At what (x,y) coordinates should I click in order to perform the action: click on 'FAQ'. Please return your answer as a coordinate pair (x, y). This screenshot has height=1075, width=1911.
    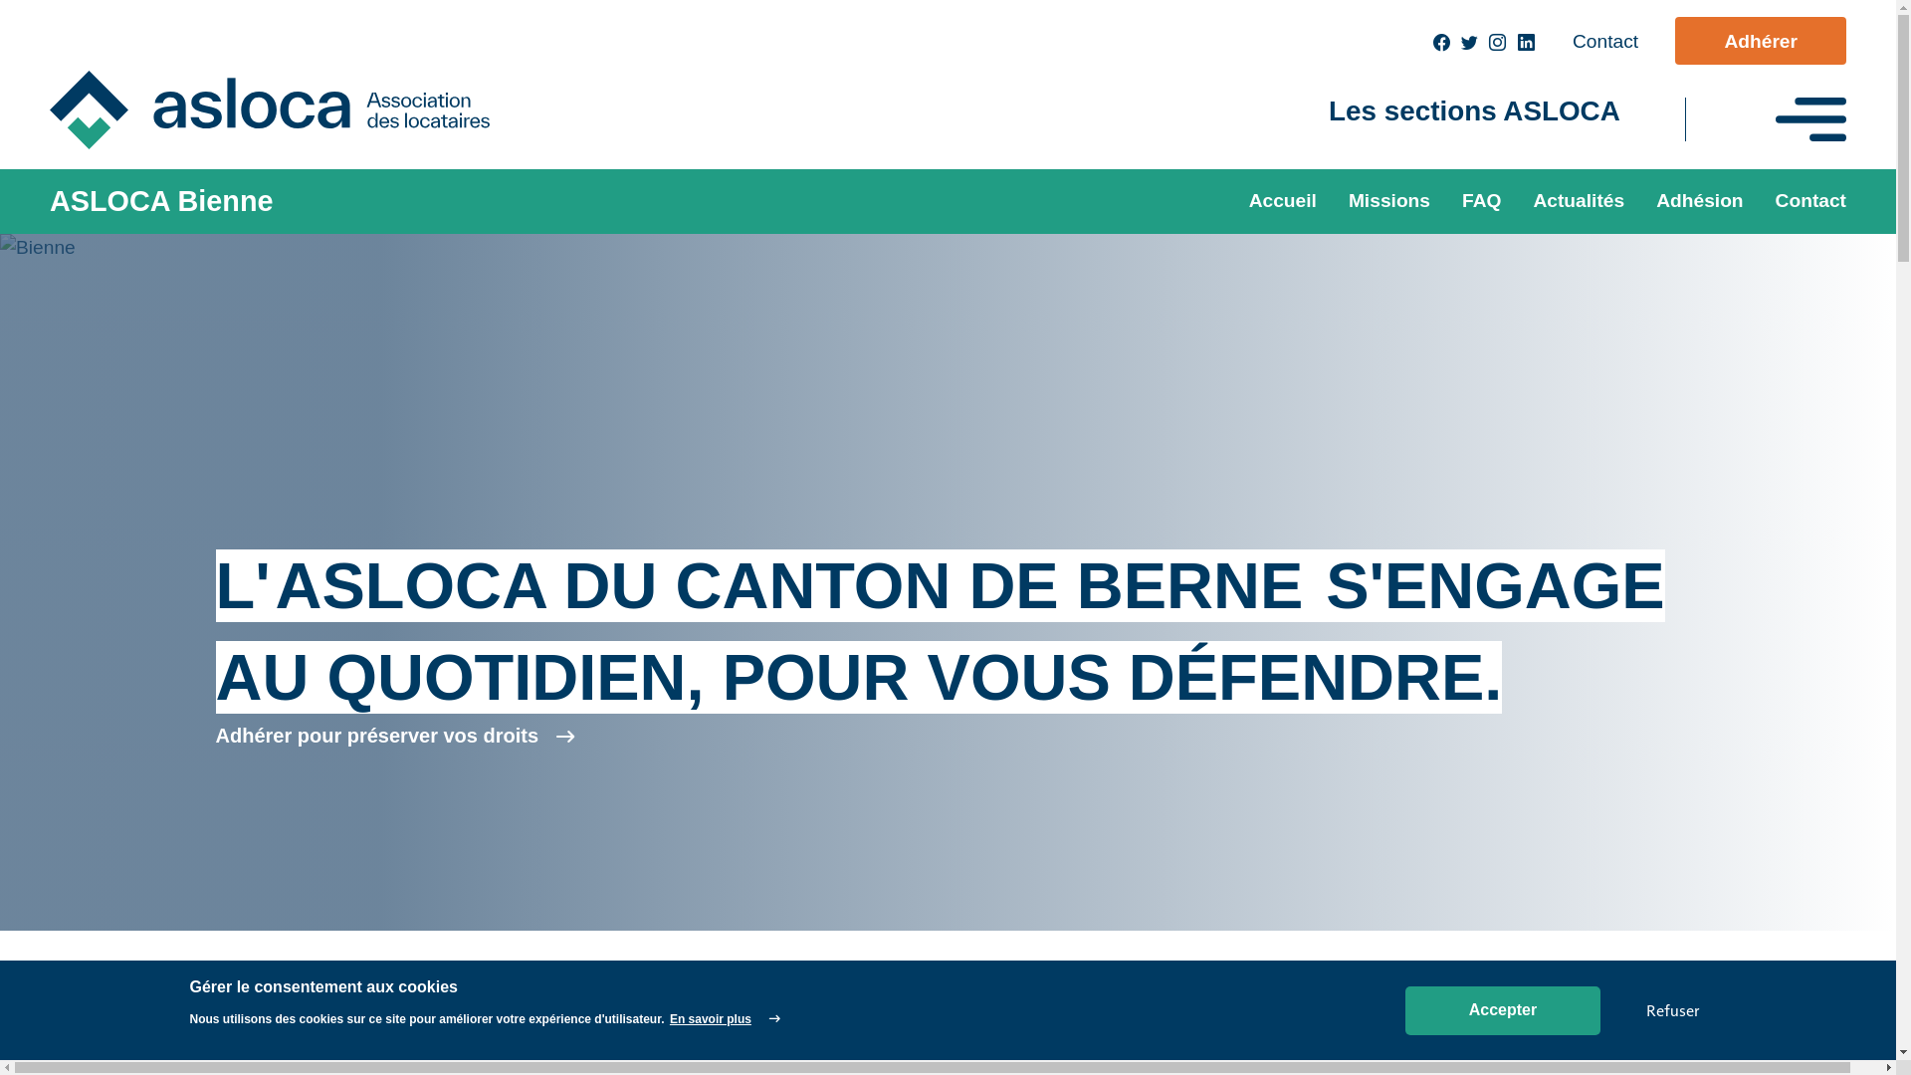
    Looking at the image, I should click on (1481, 201).